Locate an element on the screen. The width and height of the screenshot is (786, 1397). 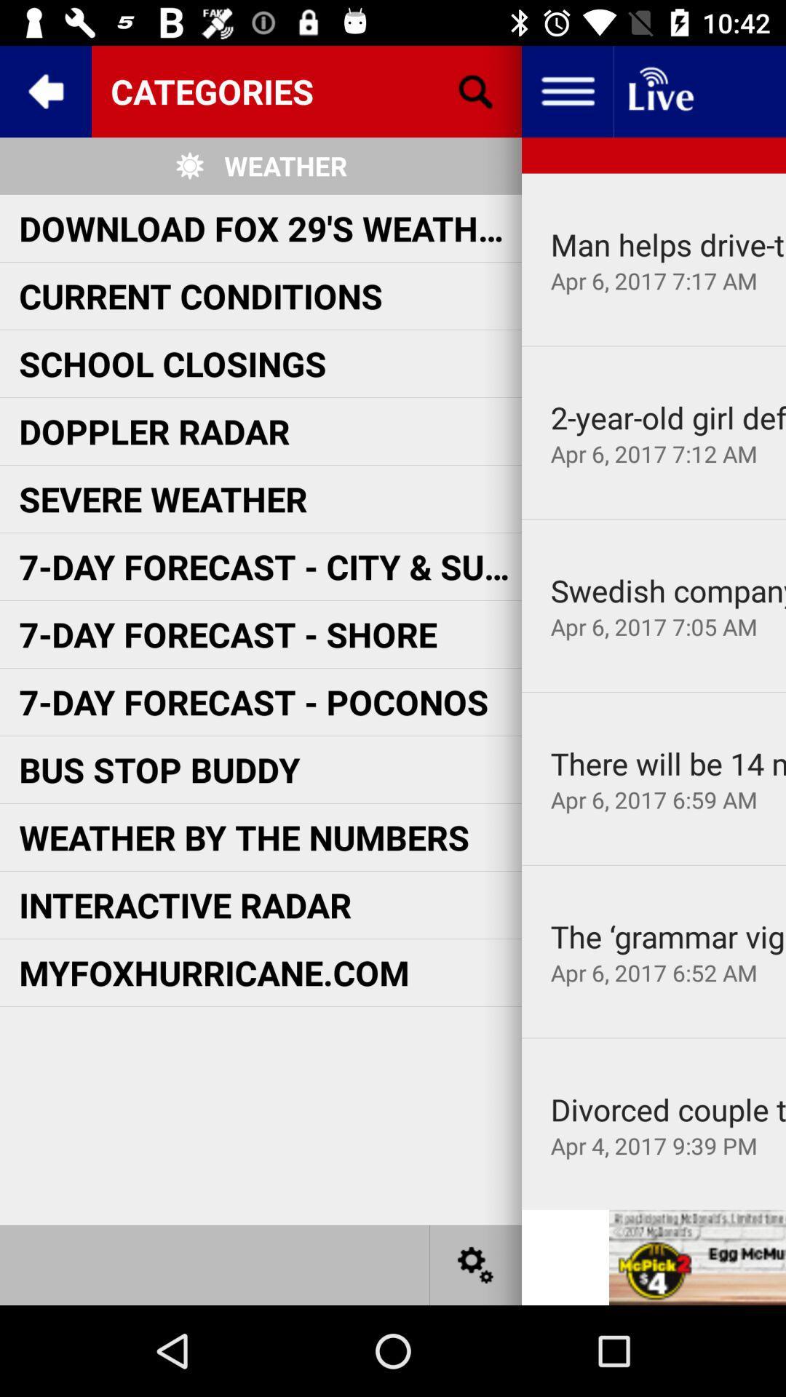
start search is located at coordinates (476, 90).